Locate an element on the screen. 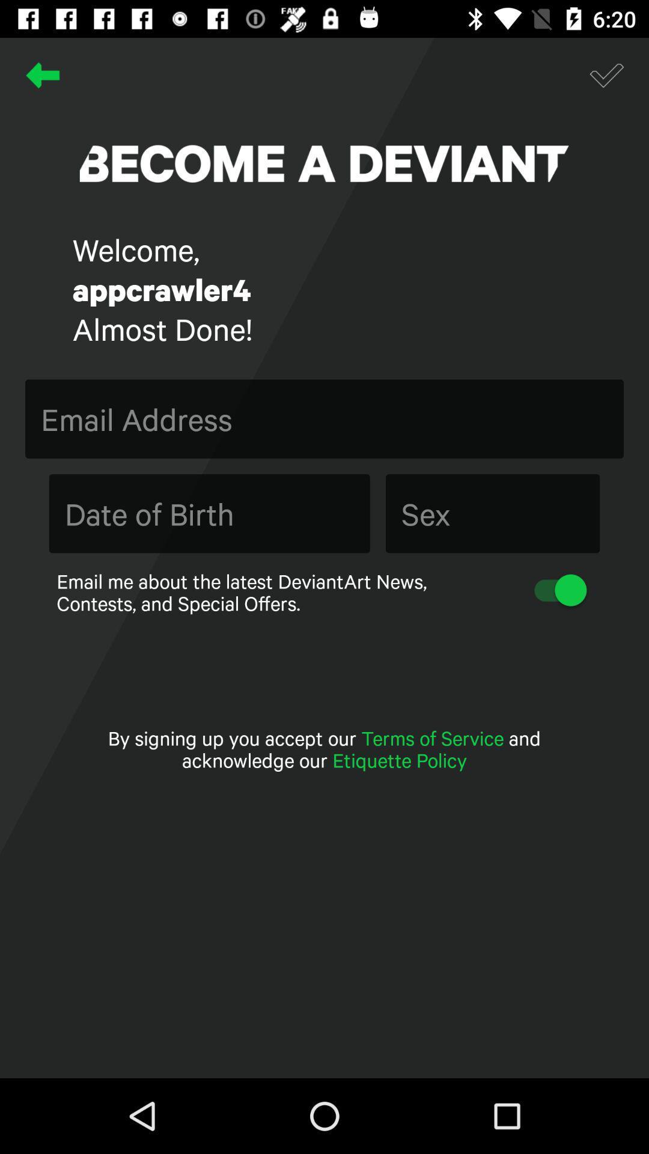  the item above email me about is located at coordinates (493, 513).